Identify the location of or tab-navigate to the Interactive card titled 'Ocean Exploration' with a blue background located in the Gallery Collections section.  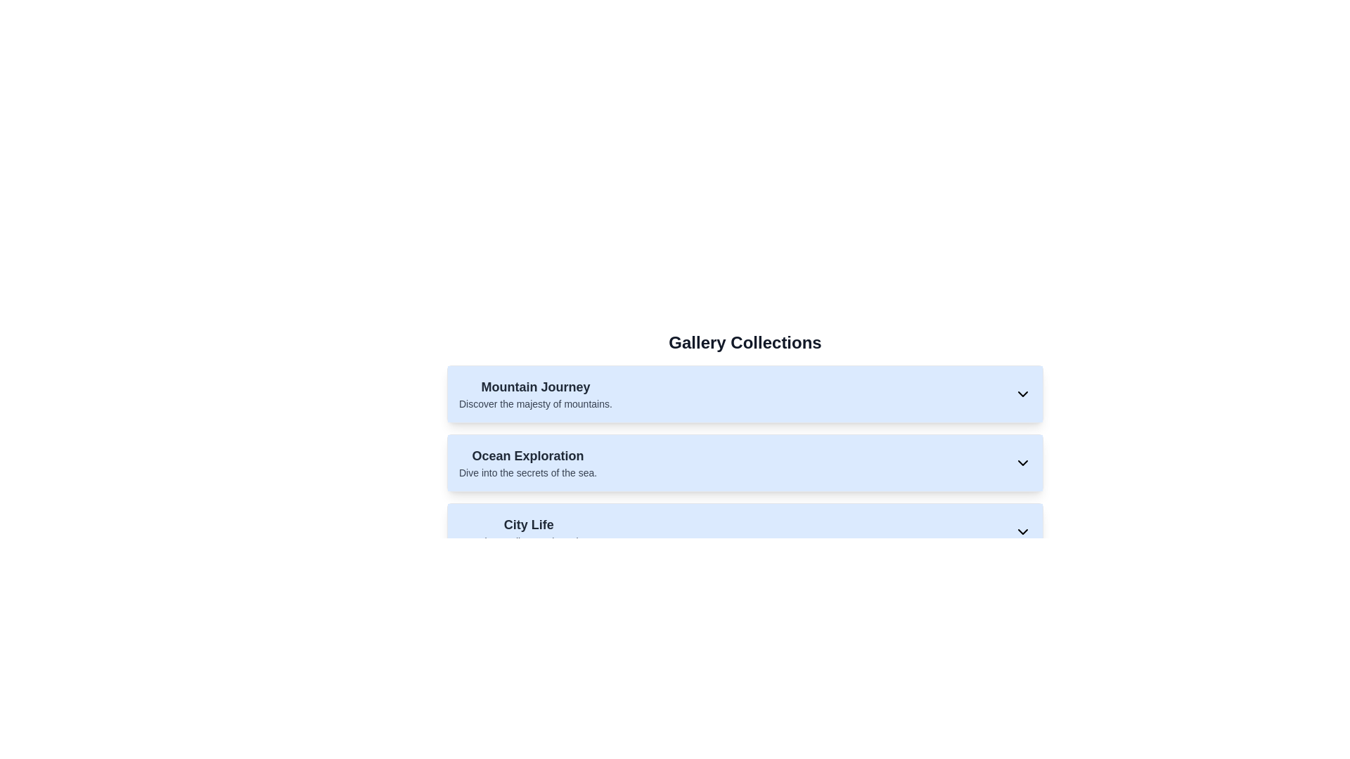
(745, 463).